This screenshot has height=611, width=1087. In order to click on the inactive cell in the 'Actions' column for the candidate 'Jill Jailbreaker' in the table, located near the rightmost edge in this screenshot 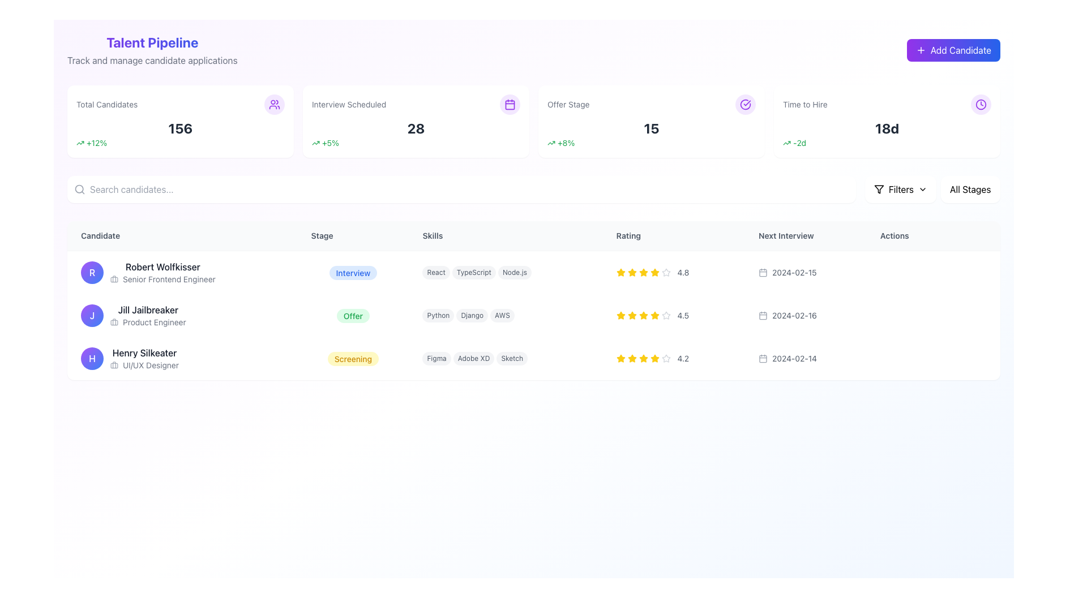, I will do `click(933, 316)`.